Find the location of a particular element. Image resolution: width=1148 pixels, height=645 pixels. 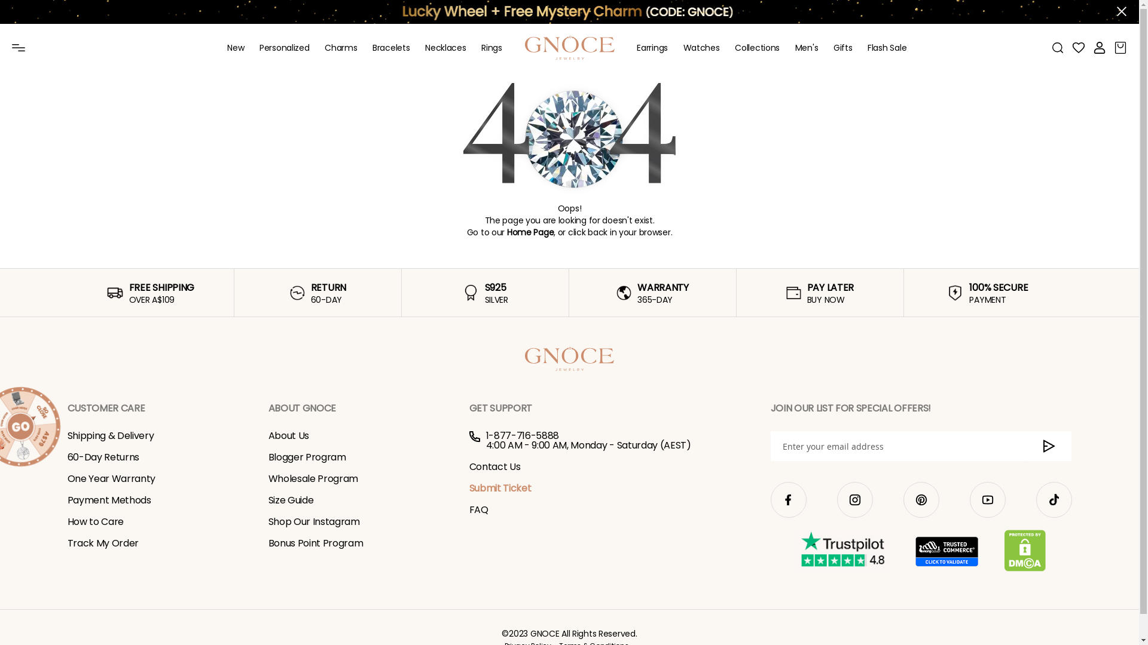

'Personalized' is located at coordinates (283, 47).